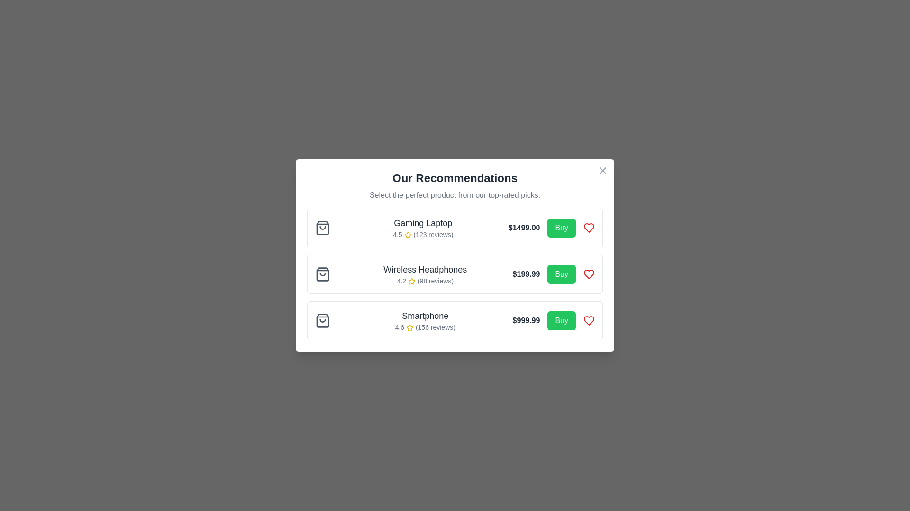 Image resolution: width=910 pixels, height=511 pixels. I want to click on the star icon or text that displays the average rating and total number of reviews for the product 'Wireless Headphones', located in the second recommendation section, so click(425, 281).